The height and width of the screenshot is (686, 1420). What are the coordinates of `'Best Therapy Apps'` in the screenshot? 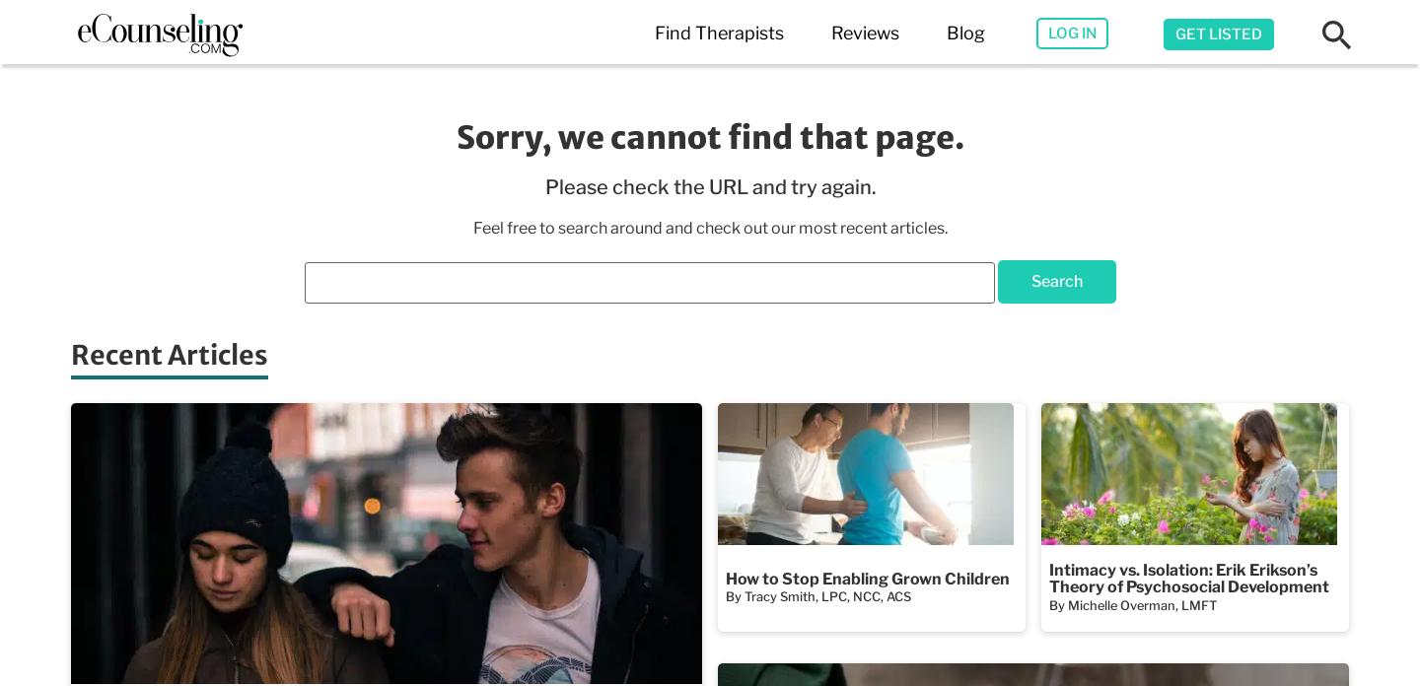 It's located at (503, 292).